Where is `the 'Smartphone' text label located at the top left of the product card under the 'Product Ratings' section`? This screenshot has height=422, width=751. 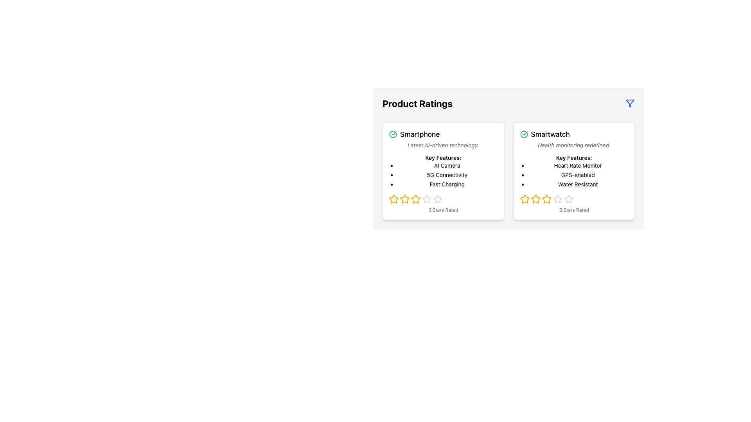 the 'Smartphone' text label located at the top left of the product card under the 'Product Ratings' section is located at coordinates (419, 134).